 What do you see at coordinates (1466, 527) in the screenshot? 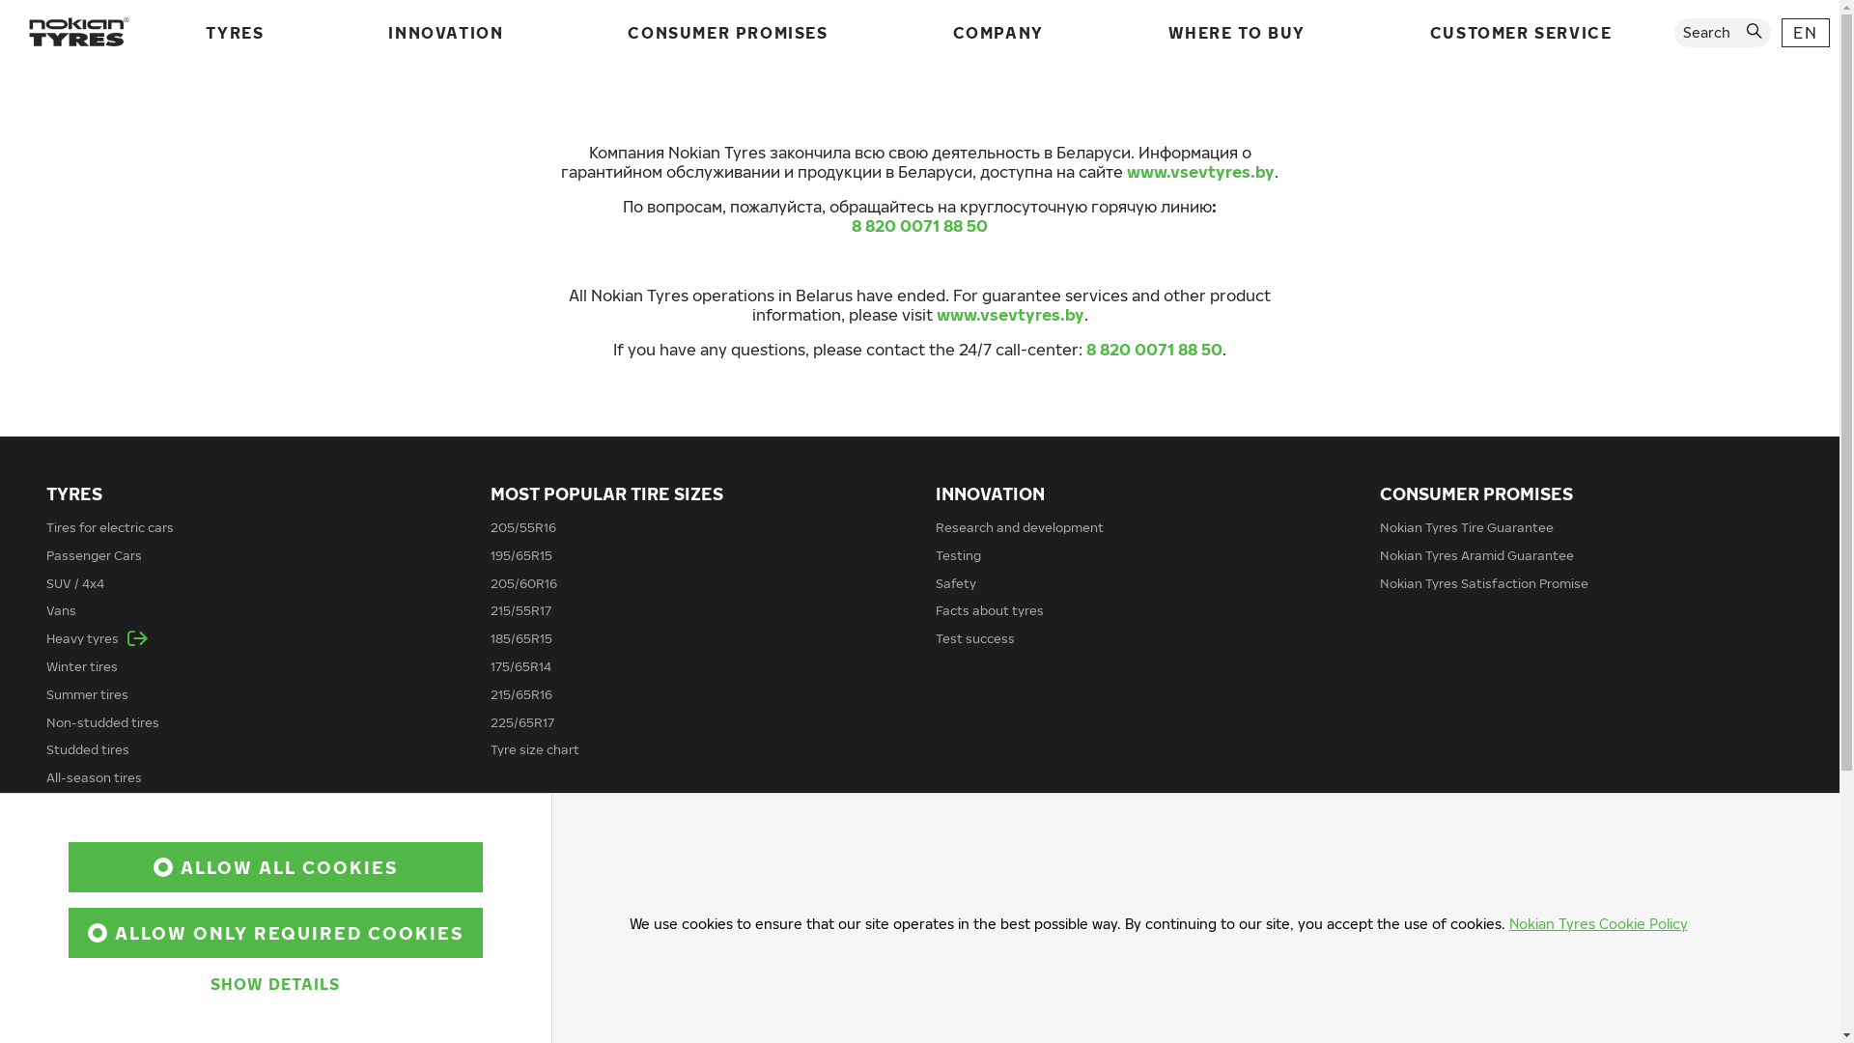
I see `'Nokian Tyres Tire Guarantee'` at bounding box center [1466, 527].